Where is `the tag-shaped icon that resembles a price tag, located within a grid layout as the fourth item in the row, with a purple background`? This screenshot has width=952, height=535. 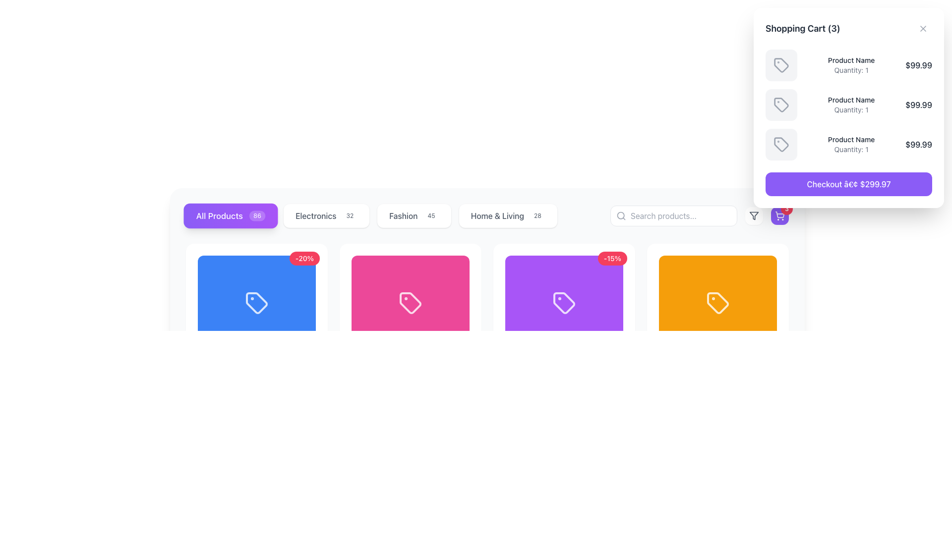 the tag-shaped icon that resembles a price tag, located within a grid layout as the fourth item in the row, with a purple background is located at coordinates (564, 303).